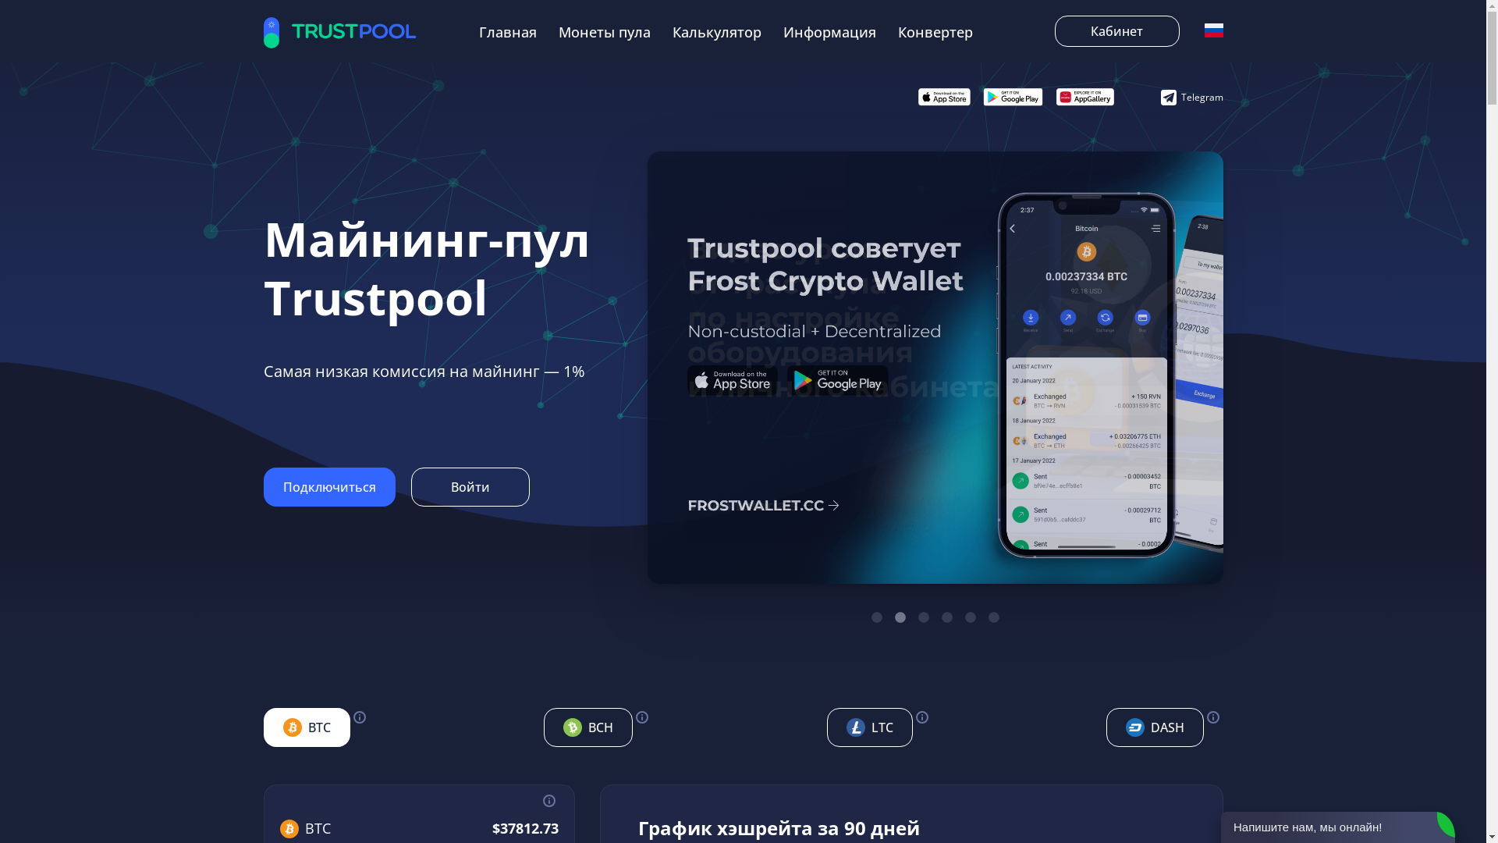 The width and height of the screenshot is (1498, 843). Describe the element at coordinates (1161, 97) in the screenshot. I see `'Telegram'` at that location.